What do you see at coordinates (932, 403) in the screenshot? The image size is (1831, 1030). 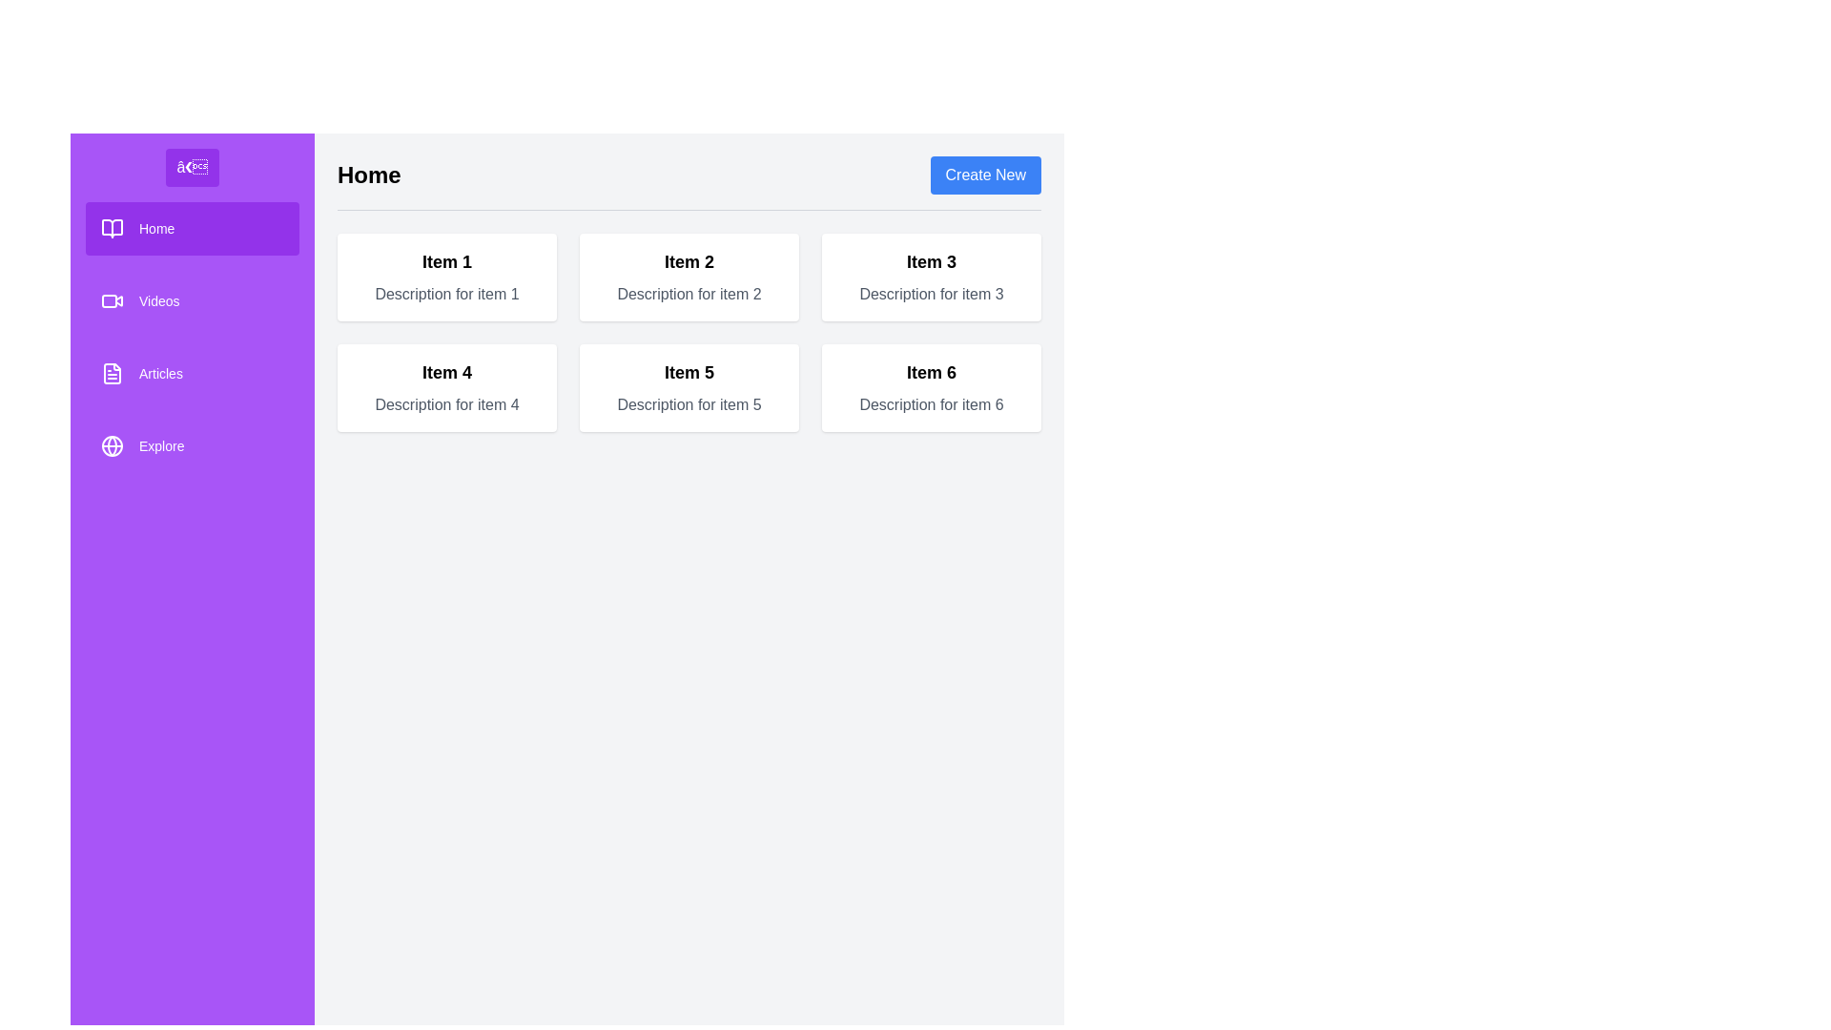 I see `the Text label located below the bold title 'Item 6' in the second card of the second row in the grid layout` at bounding box center [932, 403].